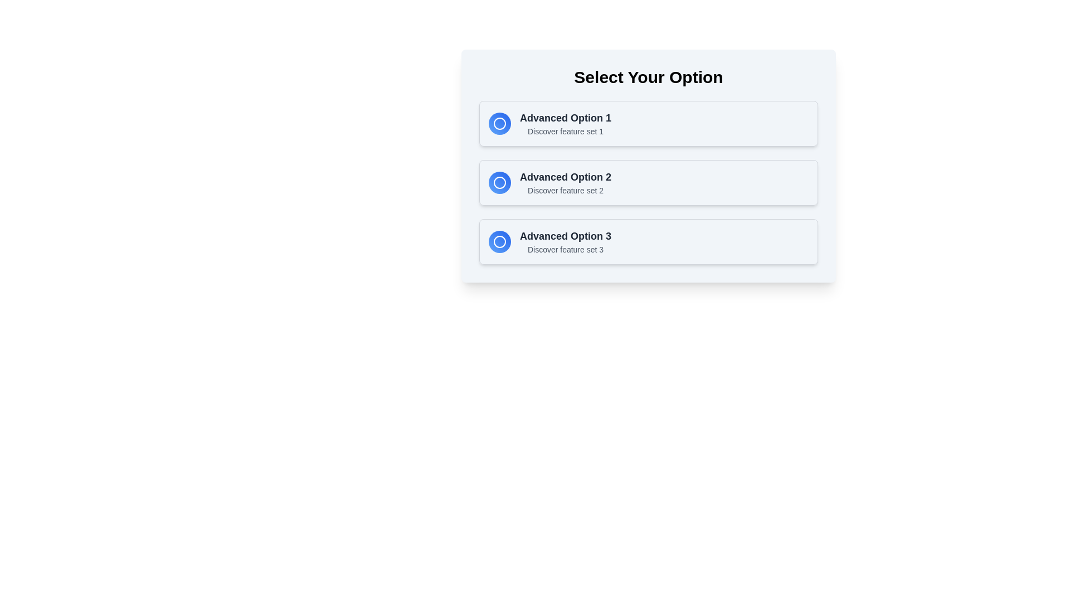  What do you see at coordinates (499, 182) in the screenshot?
I see `the circular gradient-filled icon with a blue to cyan transition, located in the second option of a vertical list titled 'Advanced Option 2'` at bounding box center [499, 182].